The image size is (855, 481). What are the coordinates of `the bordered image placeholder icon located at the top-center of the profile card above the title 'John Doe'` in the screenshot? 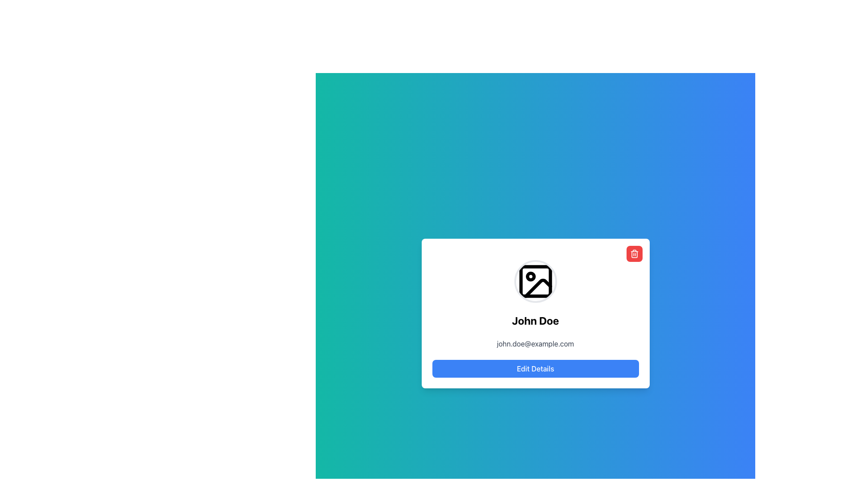 It's located at (535, 281).